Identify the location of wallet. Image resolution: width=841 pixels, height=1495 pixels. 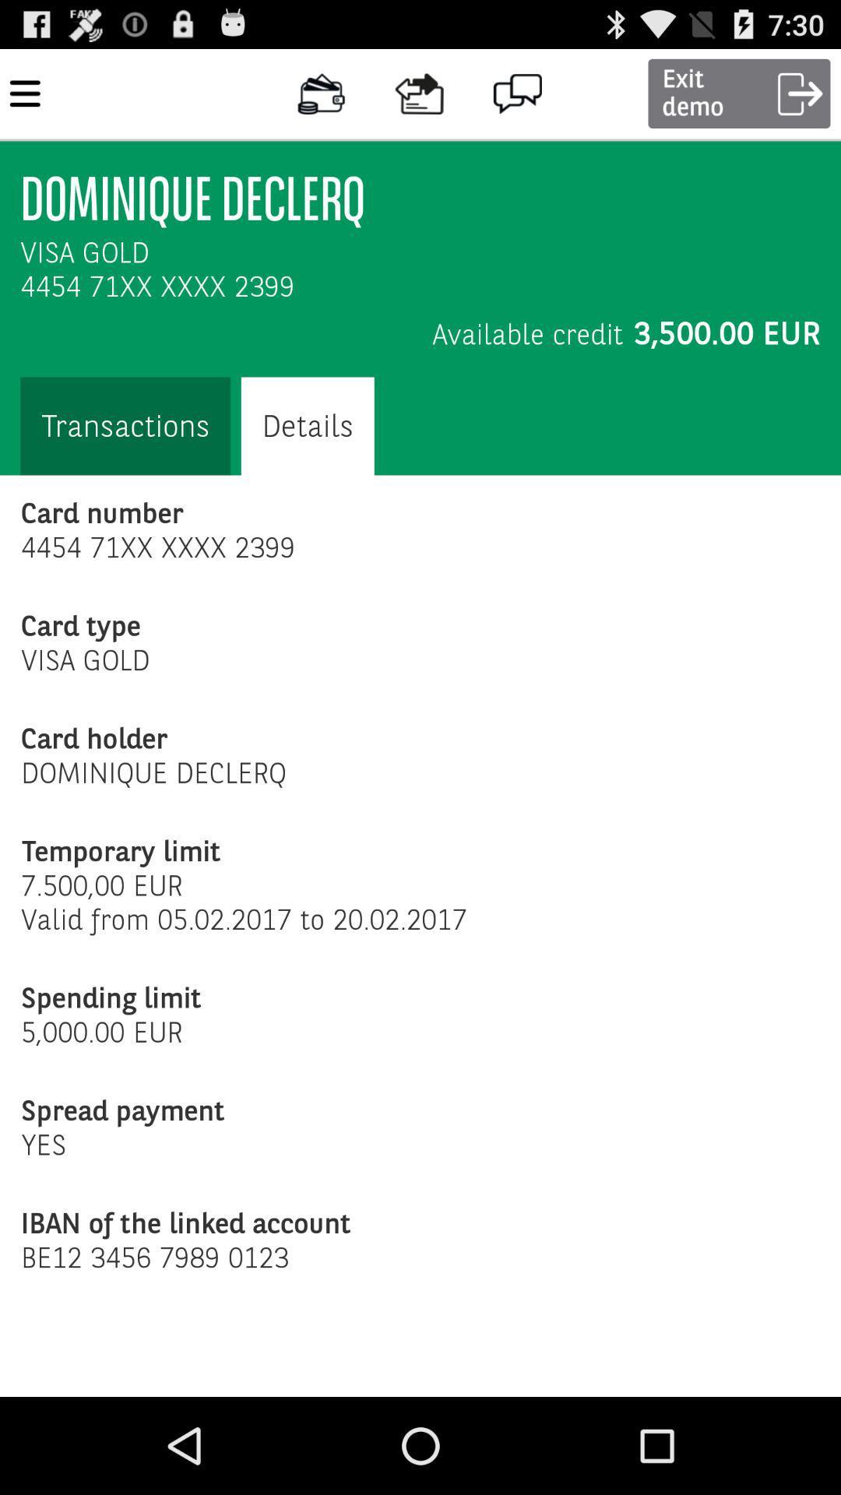
(321, 93).